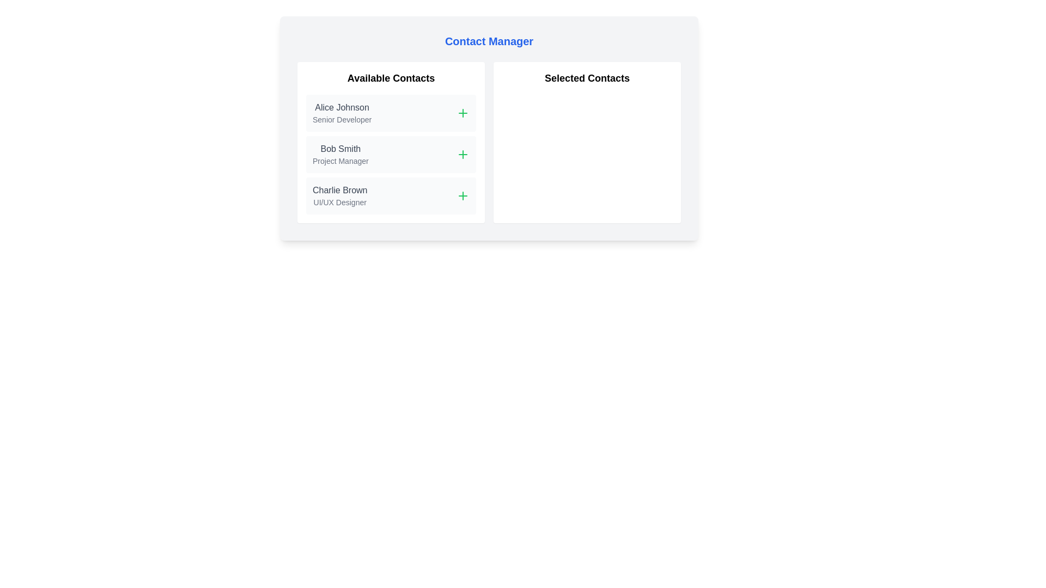 The image size is (1046, 588). Describe the element at coordinates (340, 161) in the screenshot. I see `the text label reading 'Project Manager' located below 'Bob Smith' in the 'Available Contacts' section` at that location.